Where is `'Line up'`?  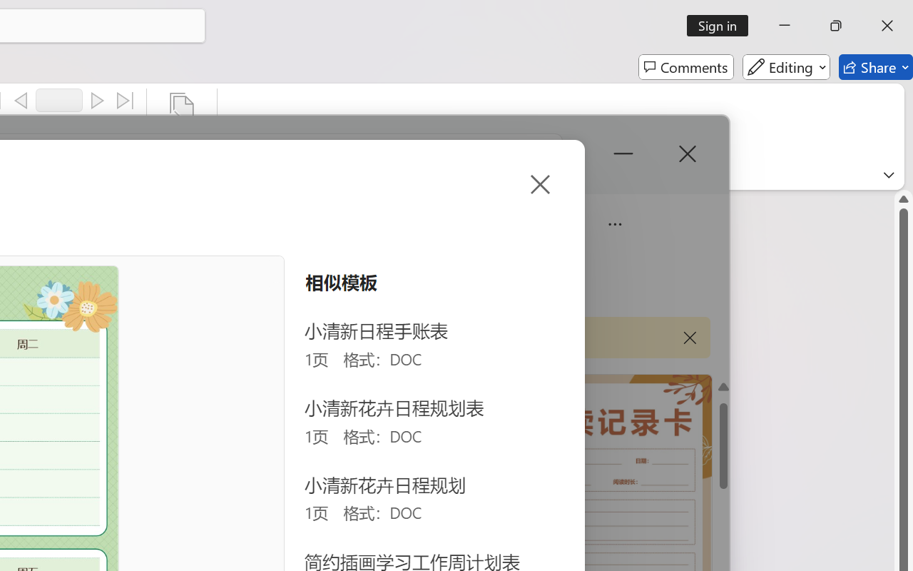
'Line up' is located at coordinates (903, 198).